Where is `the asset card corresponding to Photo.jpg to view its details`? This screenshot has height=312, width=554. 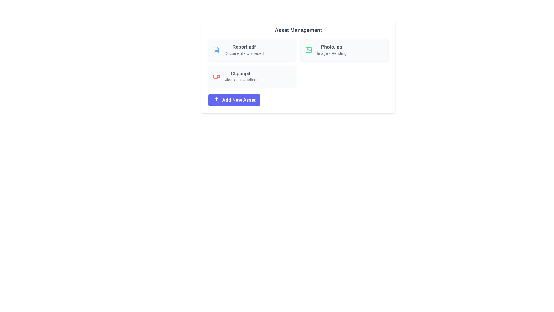
the asset card corresponding to Photo.jpg to view its details is located at coordinates (345, 50).